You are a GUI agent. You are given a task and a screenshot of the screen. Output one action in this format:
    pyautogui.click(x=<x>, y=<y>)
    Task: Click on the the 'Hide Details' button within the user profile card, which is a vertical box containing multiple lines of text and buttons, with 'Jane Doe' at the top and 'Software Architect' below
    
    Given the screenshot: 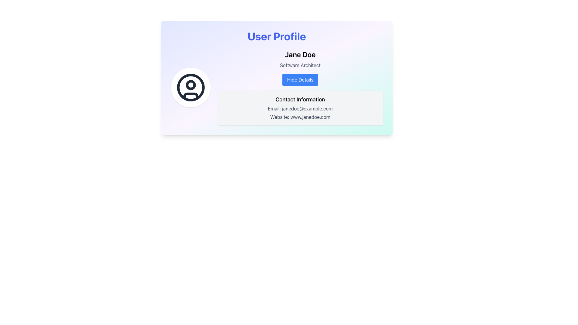 What is the action you would take?
    pyautogui.click(x=300, y=87)
    